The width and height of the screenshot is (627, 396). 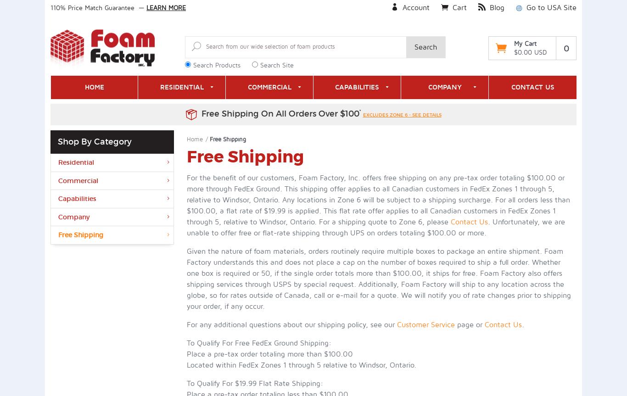 I want to click on 'Go to USA Site', so click(x=549, y=8).